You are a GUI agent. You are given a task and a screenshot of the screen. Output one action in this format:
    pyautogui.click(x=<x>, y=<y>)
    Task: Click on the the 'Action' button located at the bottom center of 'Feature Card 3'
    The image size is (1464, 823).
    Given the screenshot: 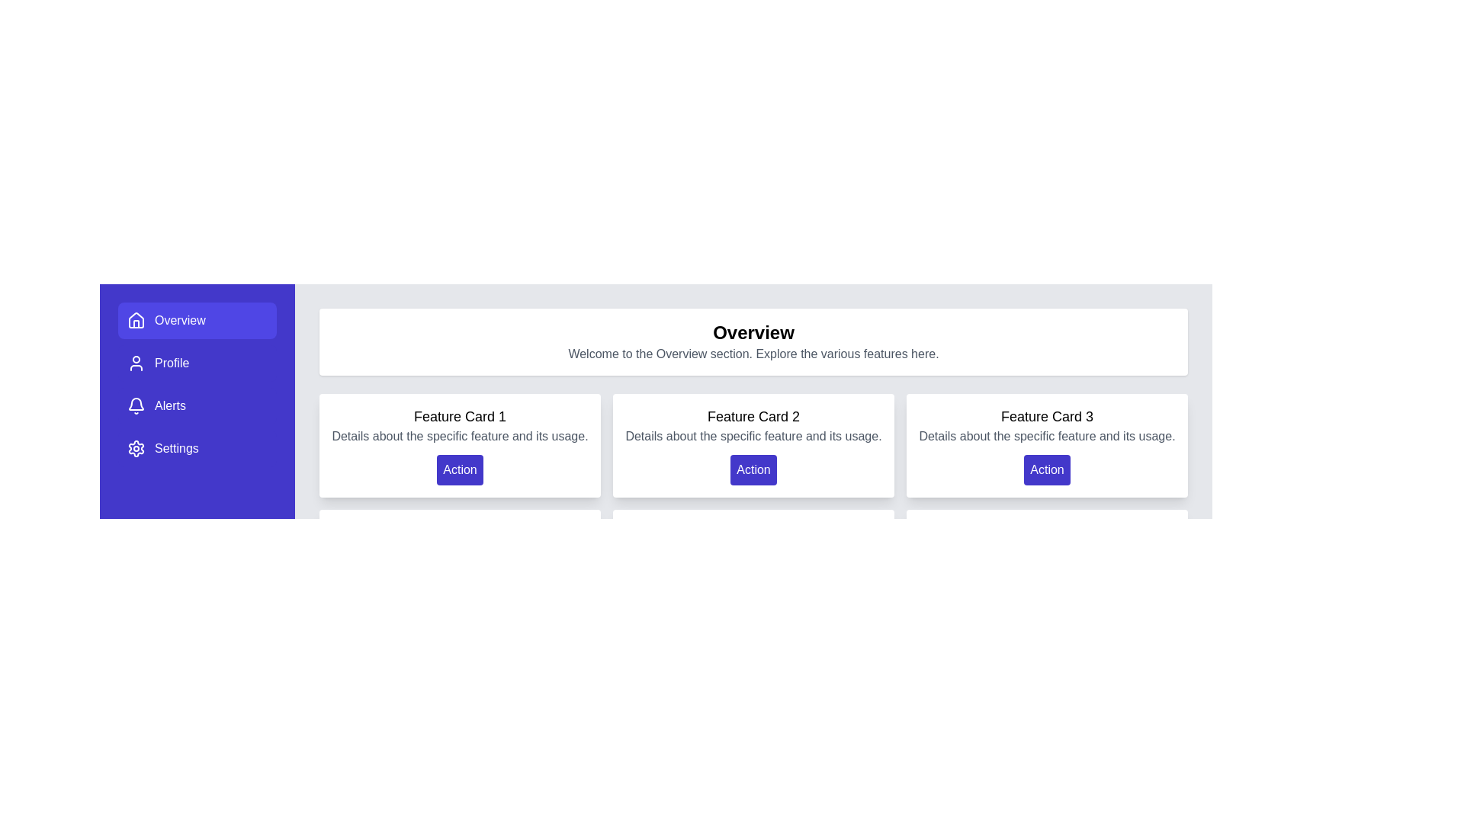 What is the action you would take?
    pyautogui.click(x=1046, y=469)
    